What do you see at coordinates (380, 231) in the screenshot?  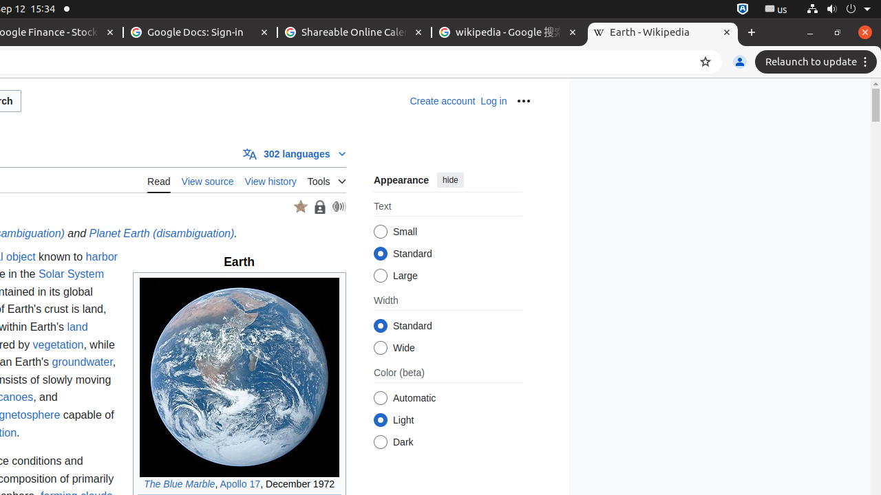 I see `'Small'` at bounding box center [380, 231].